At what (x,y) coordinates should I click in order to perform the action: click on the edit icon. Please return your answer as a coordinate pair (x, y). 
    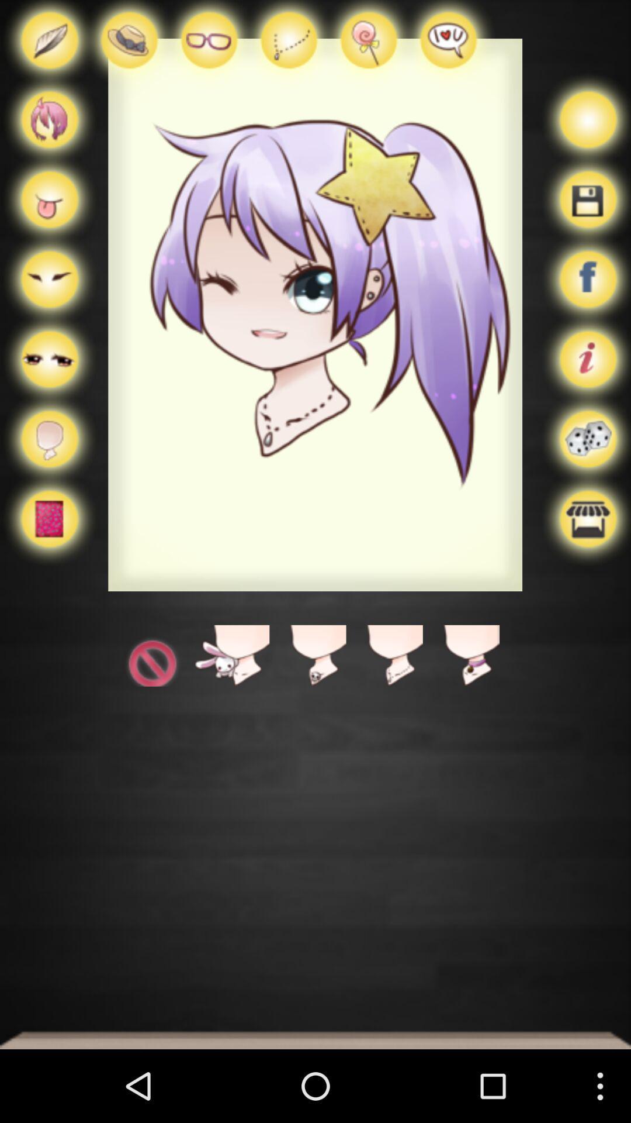
    Looking at the image, I should click on (48, 47).